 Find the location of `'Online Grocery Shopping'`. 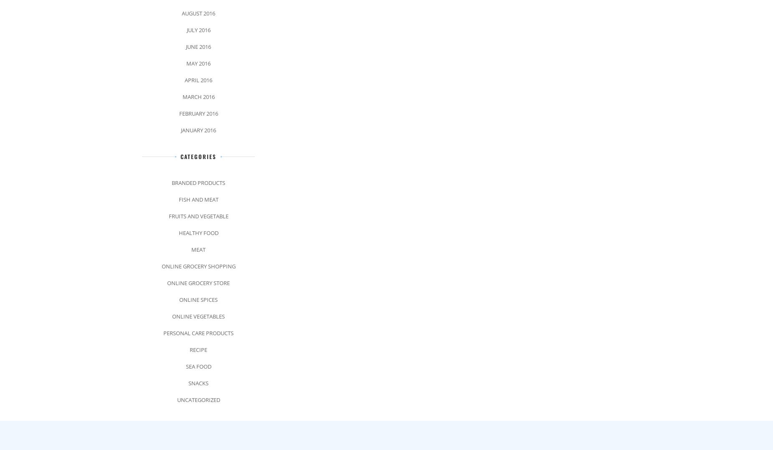

'Online Grocery Shopping' is located at coordinates (198, 265).